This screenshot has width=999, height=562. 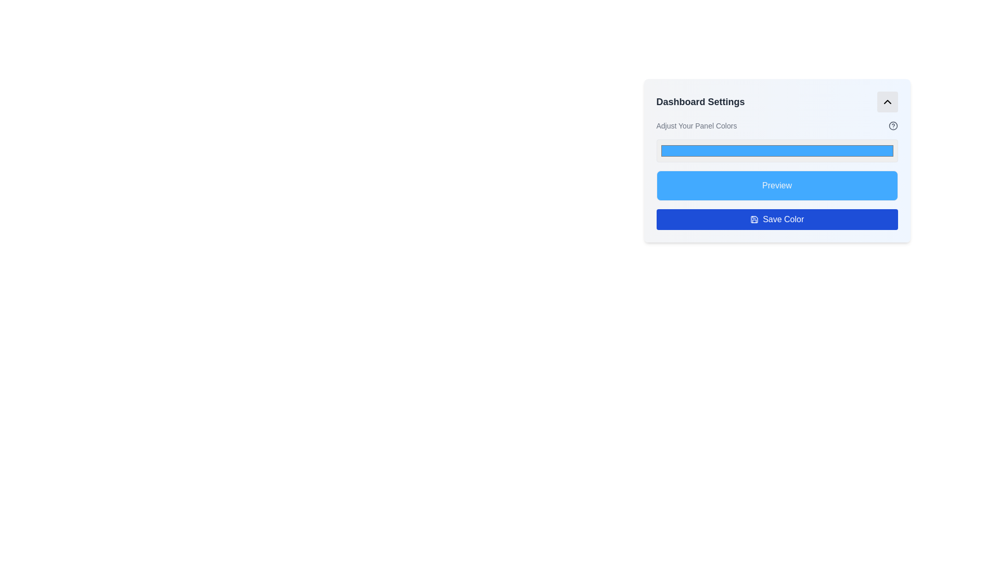 I want to click on the toggle button icon located at the top right corner of the 'Dashboard Settings' card to receive interactivity feedback, so click(x=887, y=102).